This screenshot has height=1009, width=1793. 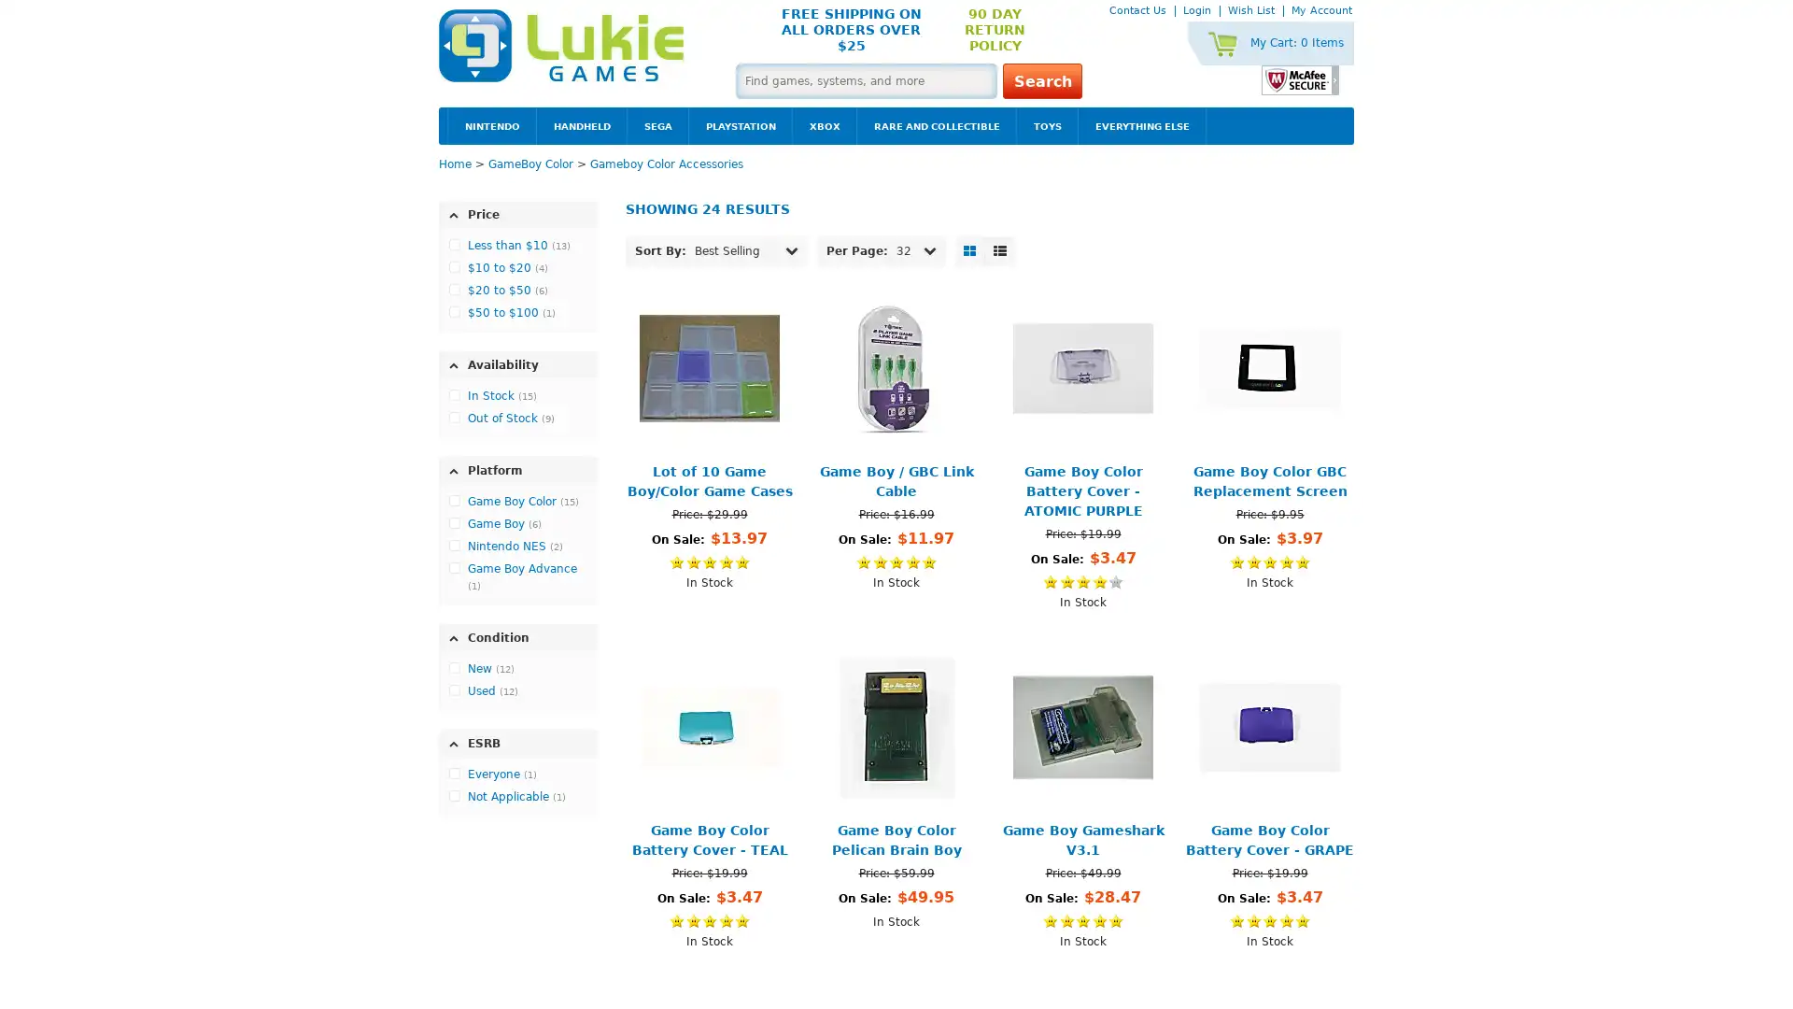 What do you see at coordinates (1041, 80) in the screenshot?
I see `Search` at bounding box center [1041, 80].